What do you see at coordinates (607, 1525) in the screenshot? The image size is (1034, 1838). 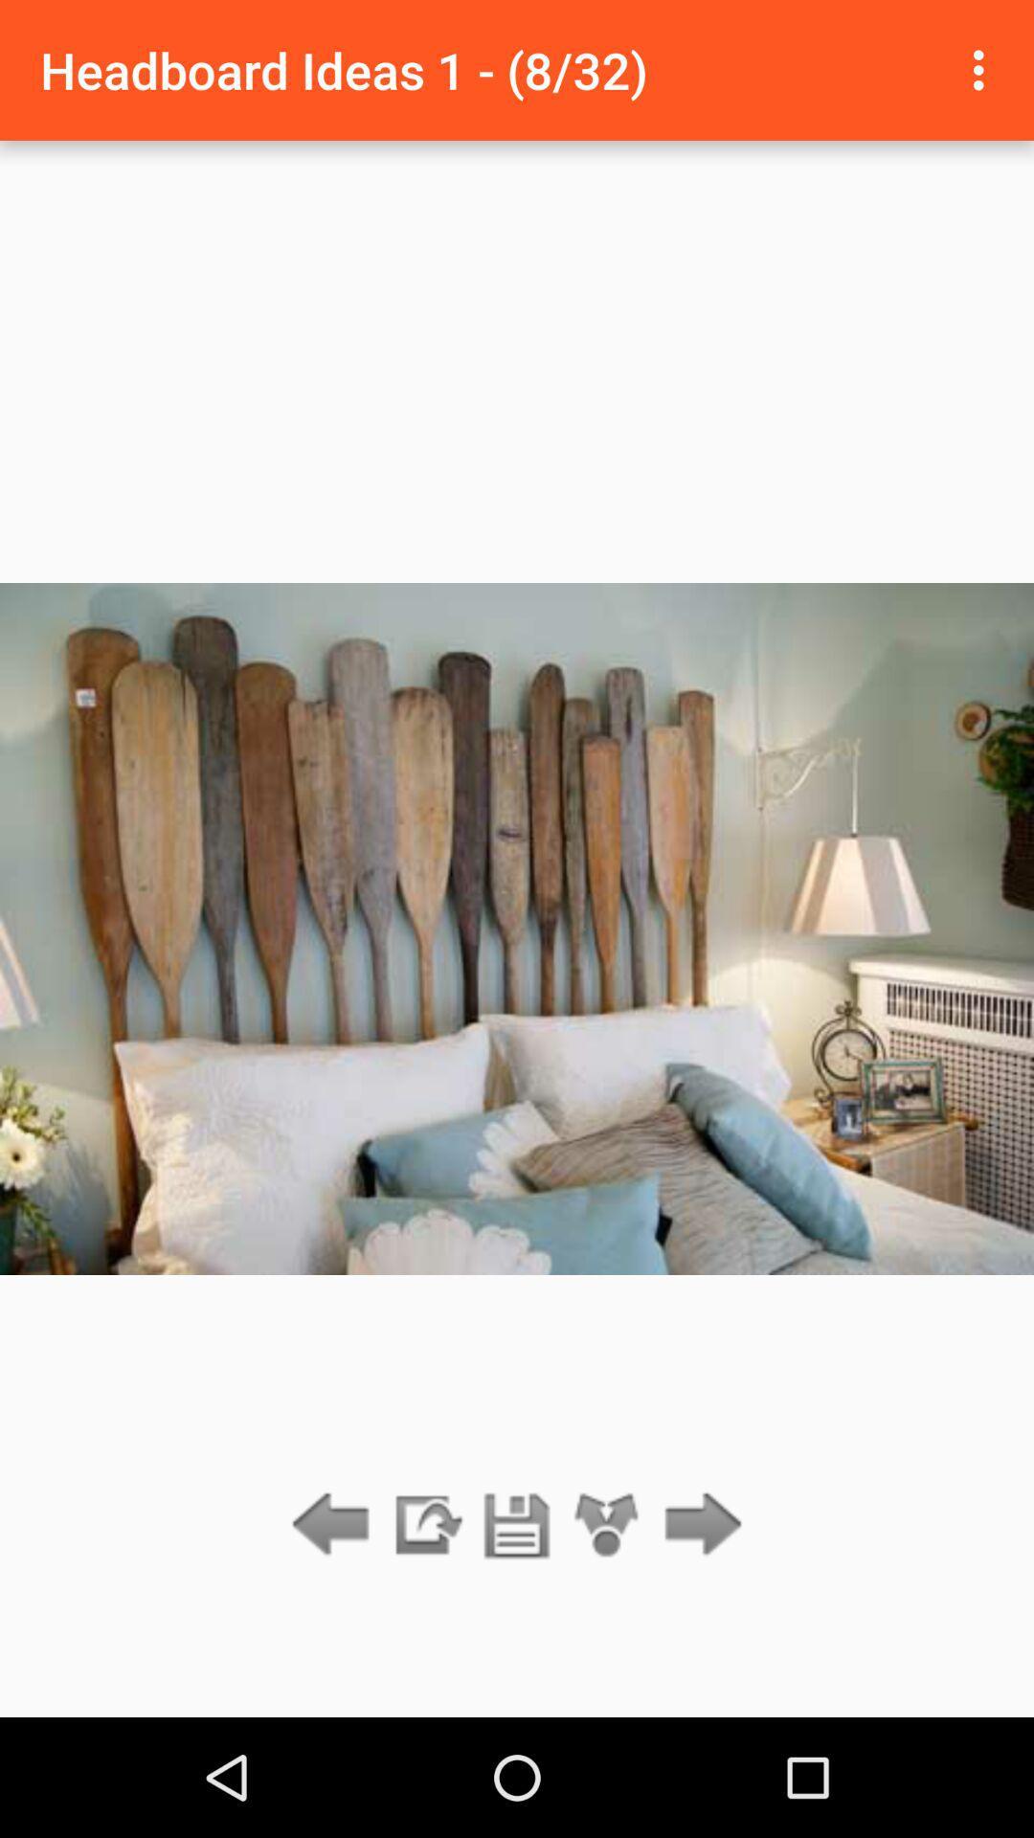 I see `share photo` at bounding box center [607, 1525].